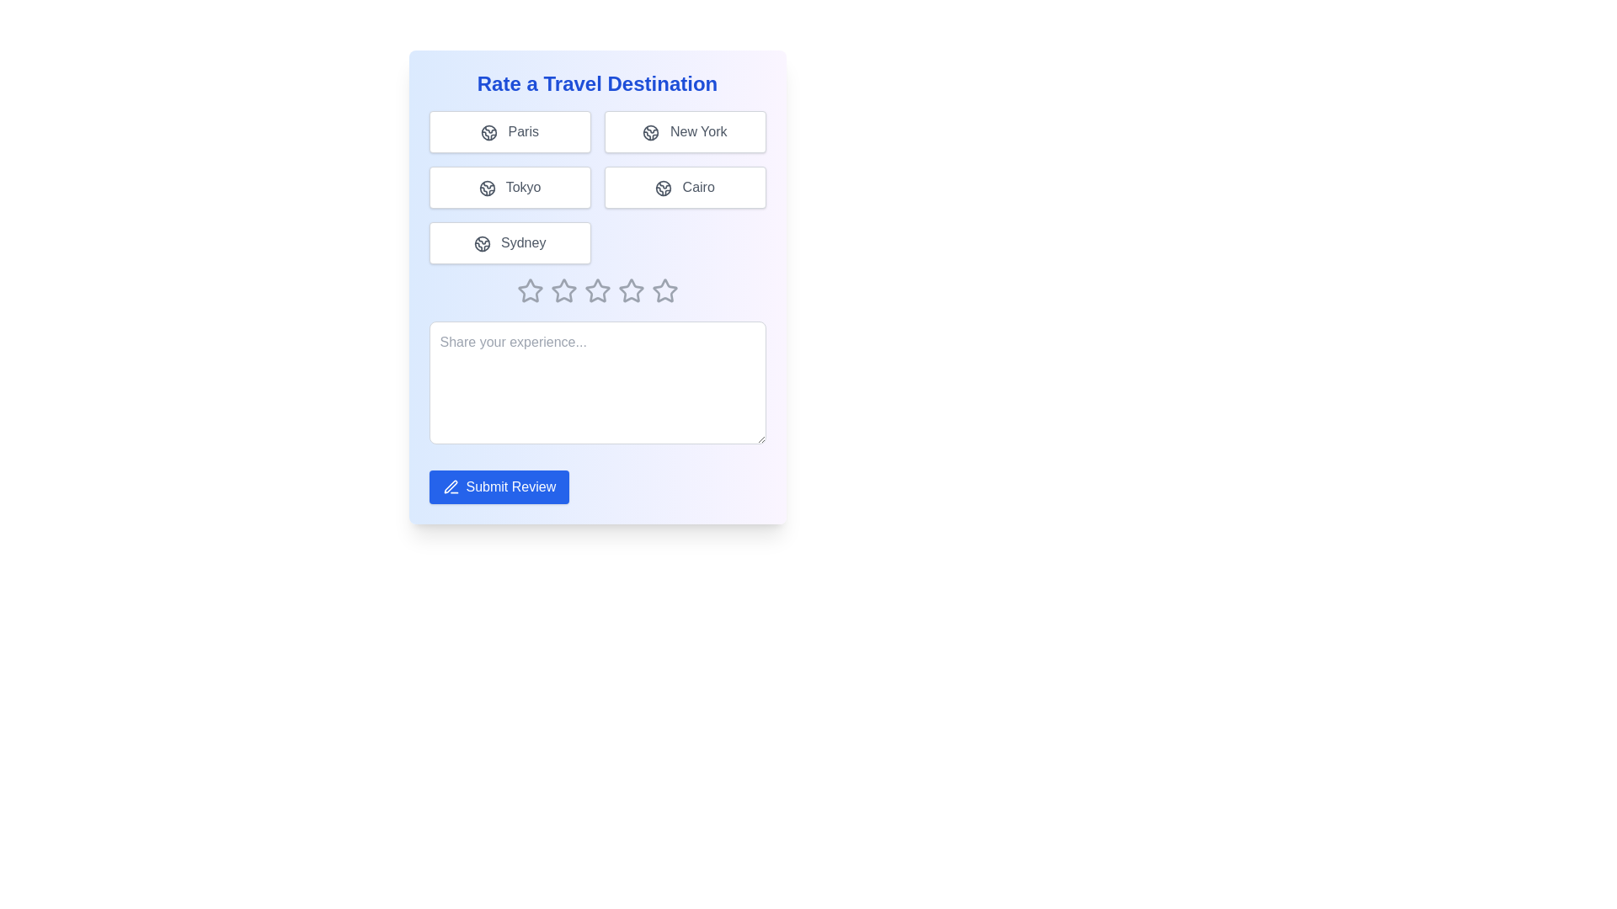  I want to click on the circular graphical element that is part of the globe icon, located near the 'Tokyo' text button, so click(486, 188).